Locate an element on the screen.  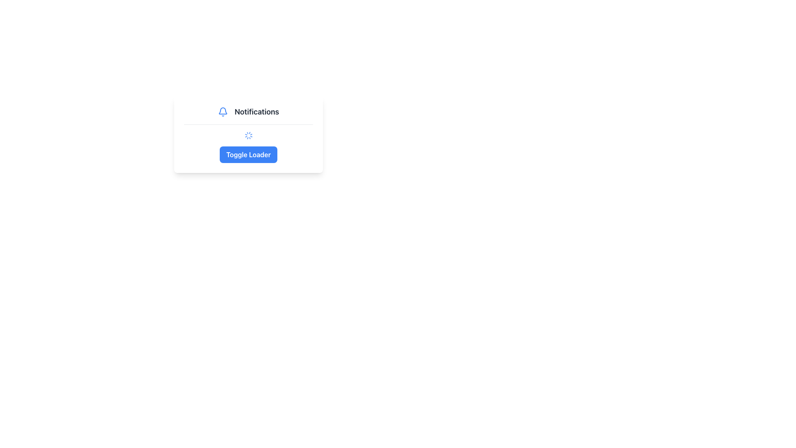
the 'Notifications' text label, which is styled in a bold, larger font and located immediately to the right of a bell icon, positioned centrally in the upper portion of a card is located at coordinates (256, 112).